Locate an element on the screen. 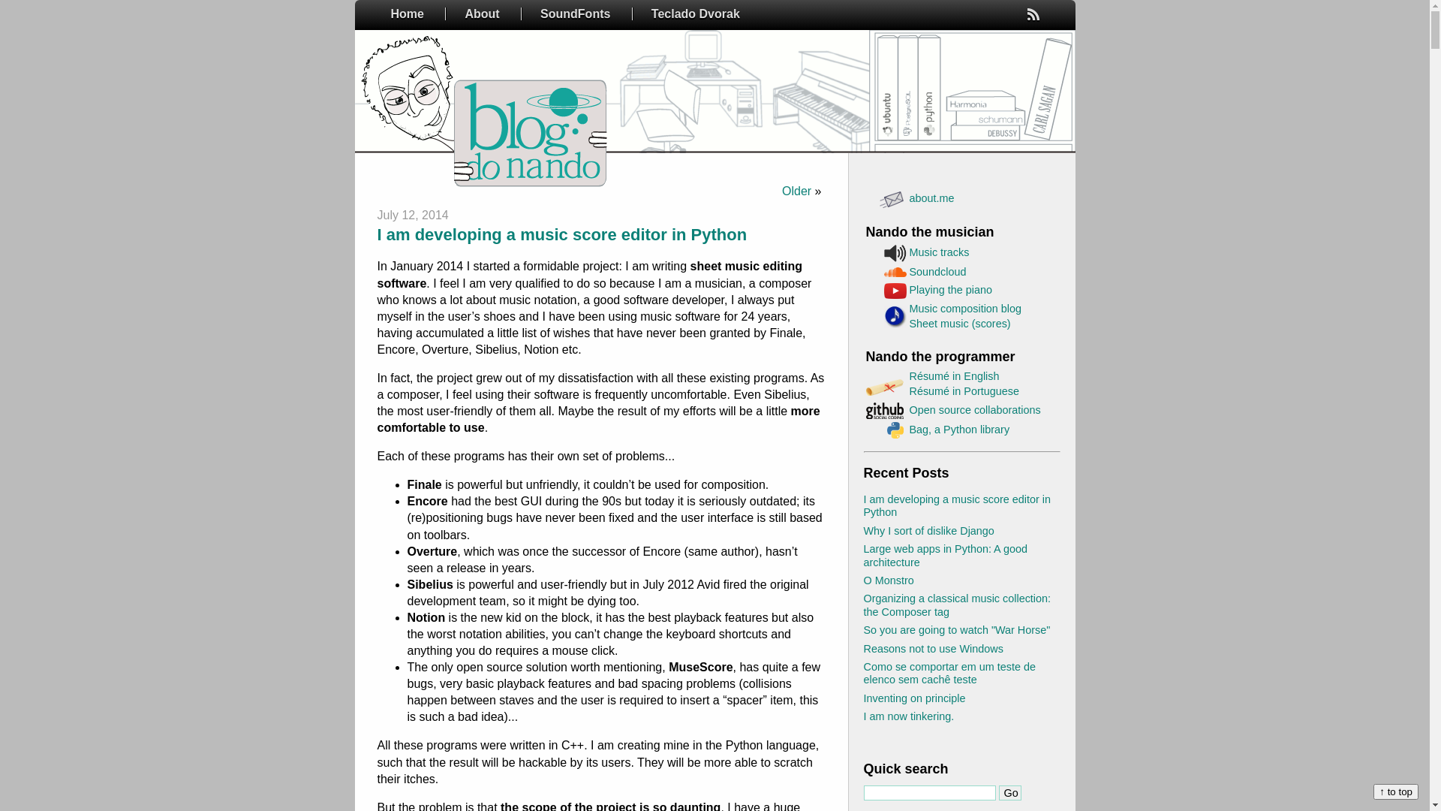 This screenshot has height=811, width=1441. 'So you are going to watch "War Horse"' is located at coordinates (955, 630).